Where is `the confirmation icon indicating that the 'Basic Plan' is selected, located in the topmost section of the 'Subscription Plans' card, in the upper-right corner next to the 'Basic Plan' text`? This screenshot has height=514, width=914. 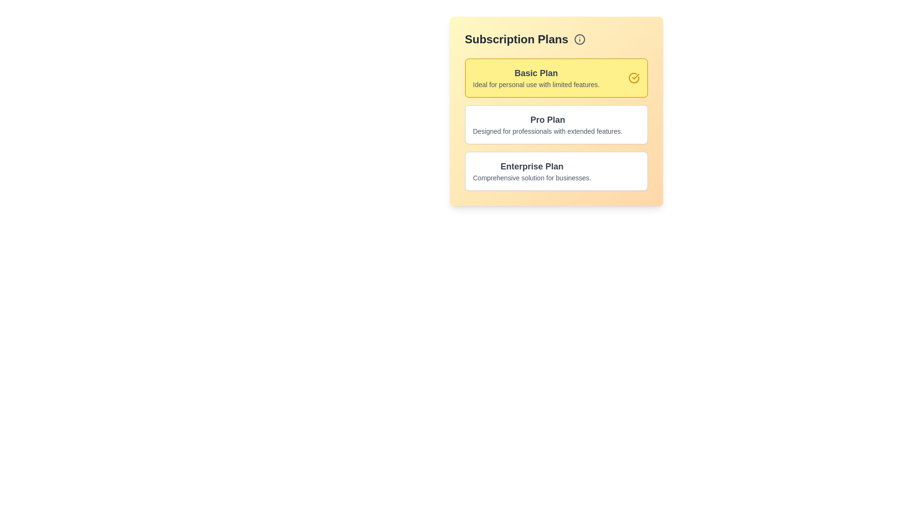
the confirmation icon indicating that the 'Basic Plan' is selected, located in the topmost section of the 'Subscription Plans' card, in the upper-right corner next to the 'Basic Plan' text is located at coordinates (634, 78).